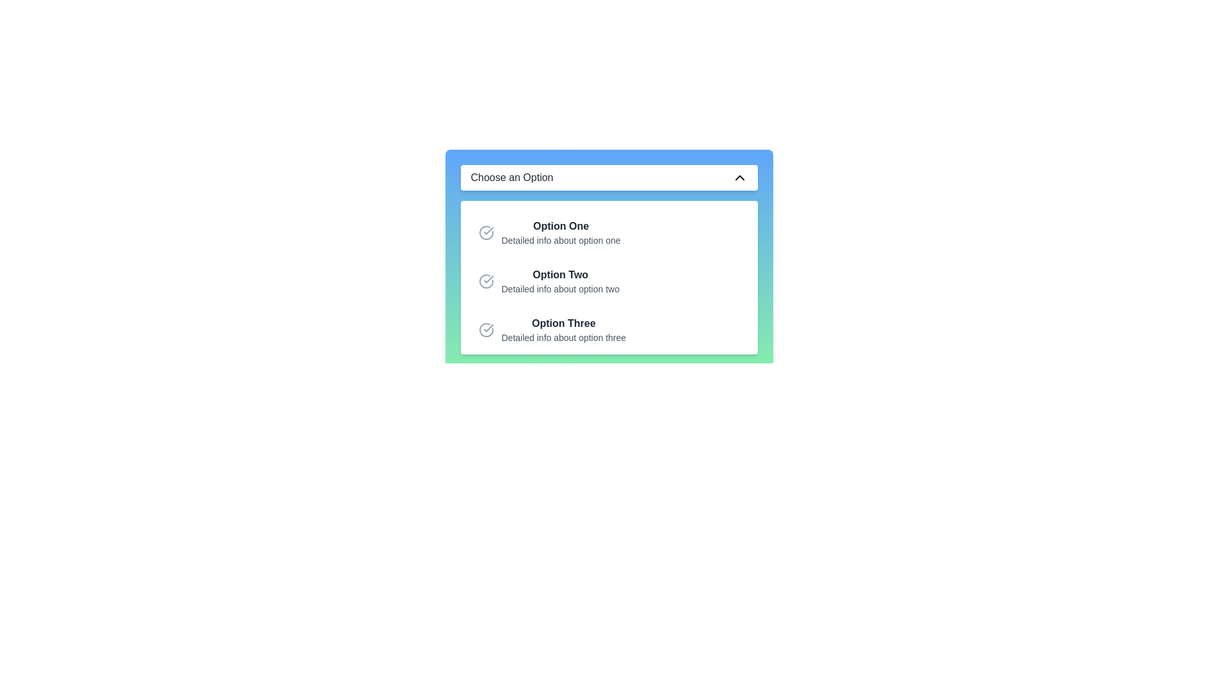  I want to click on the text label reading 'Option Three', which is styled in bold and dark-gray color, located inside a dropdown panel, so click(563, 322).